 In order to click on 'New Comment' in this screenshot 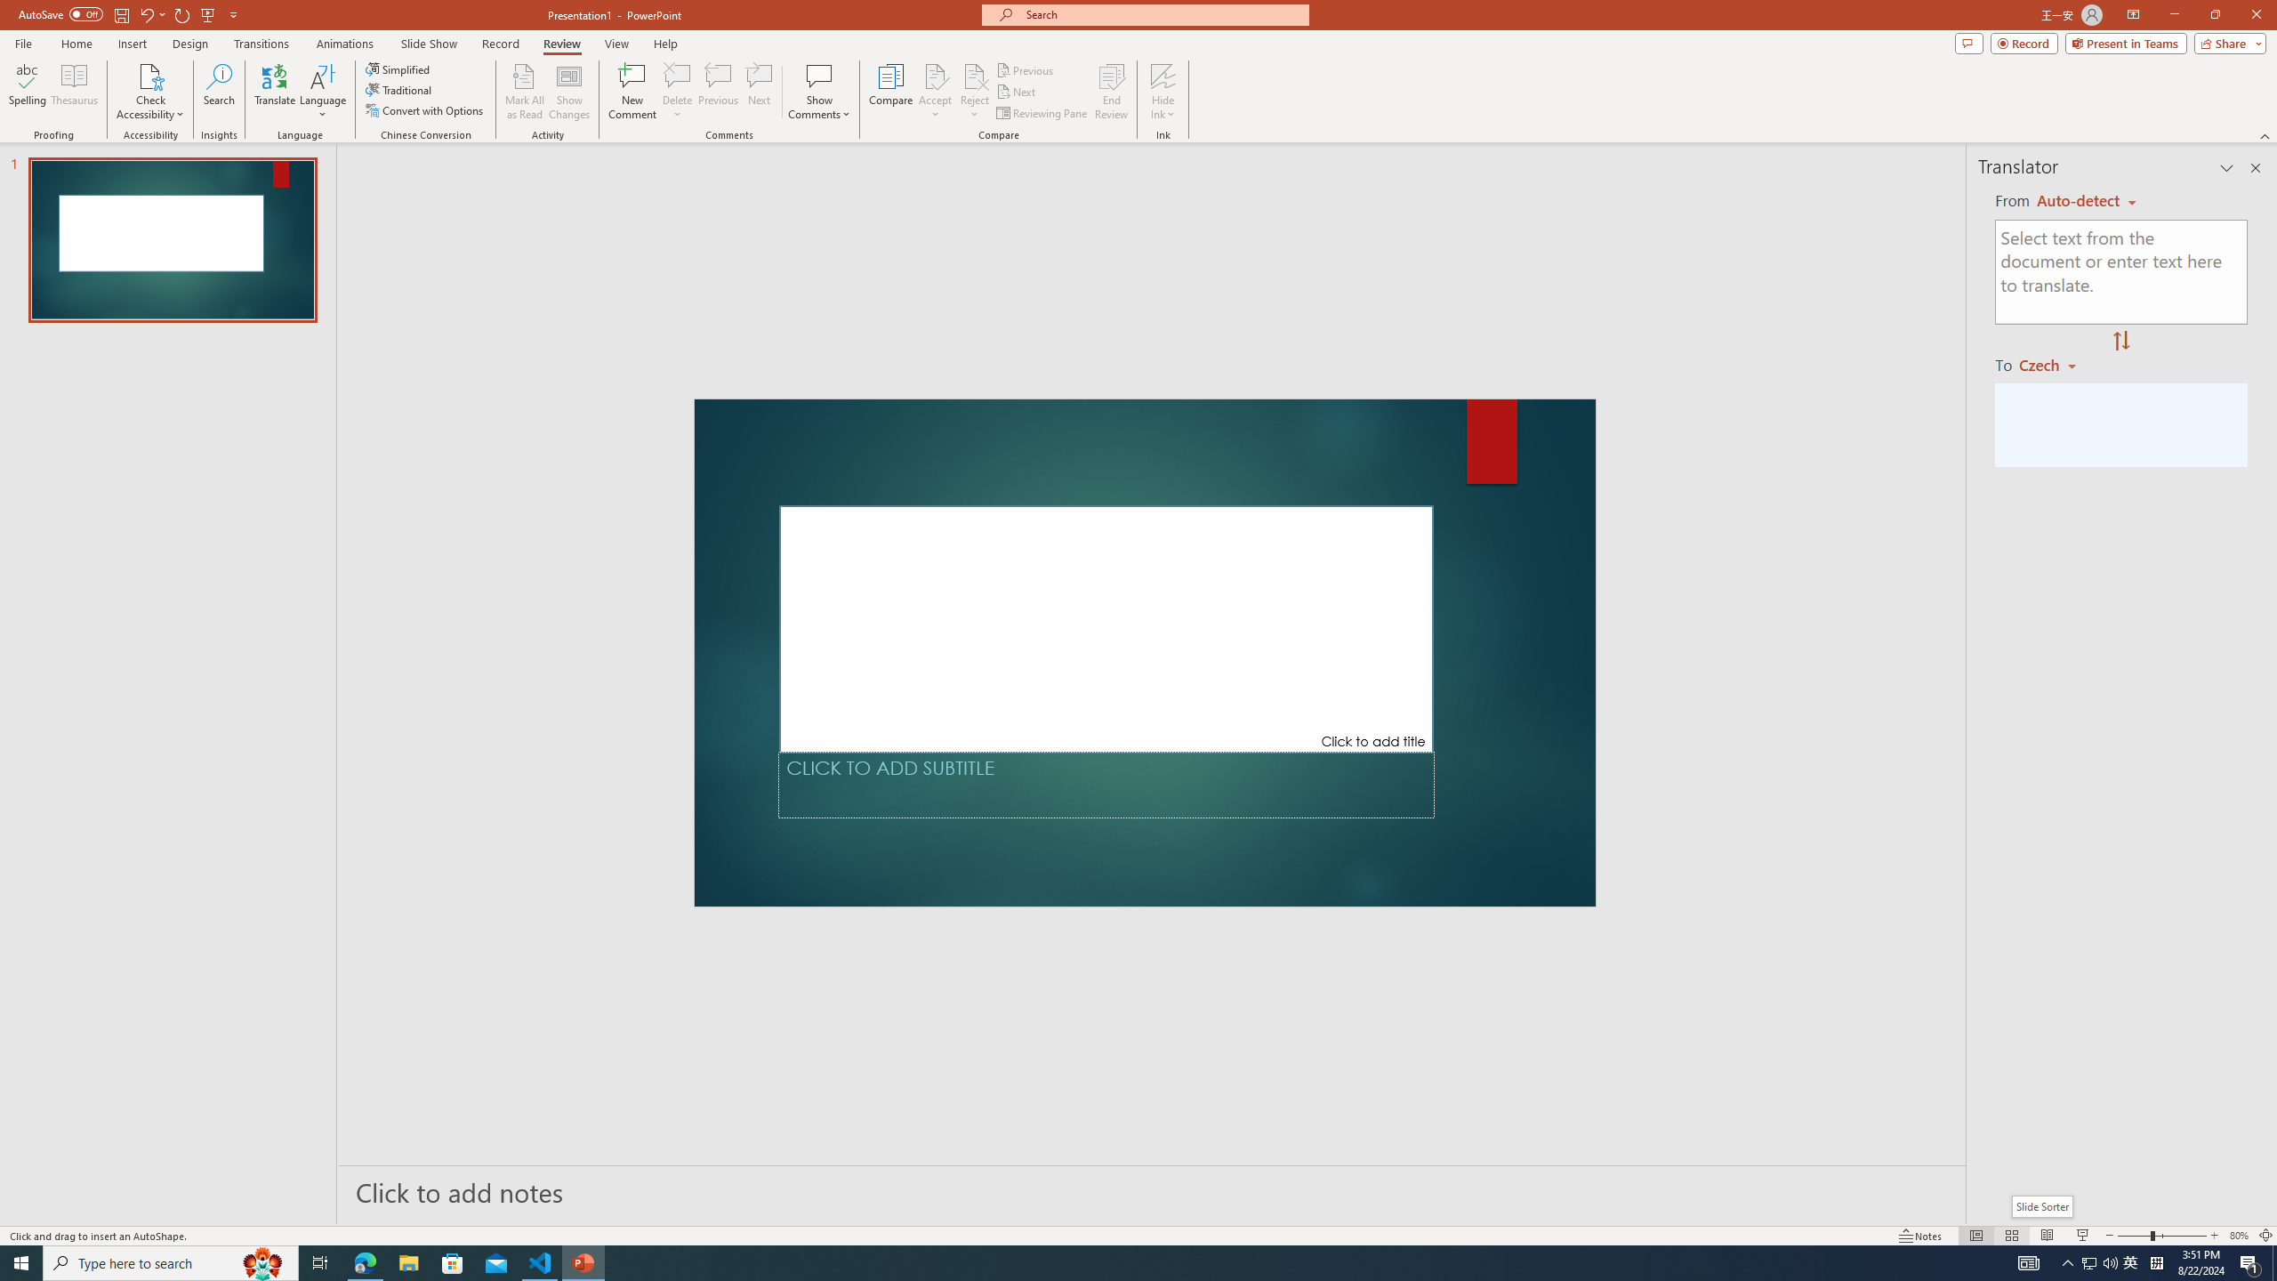, I will do `click(631, 92)`.